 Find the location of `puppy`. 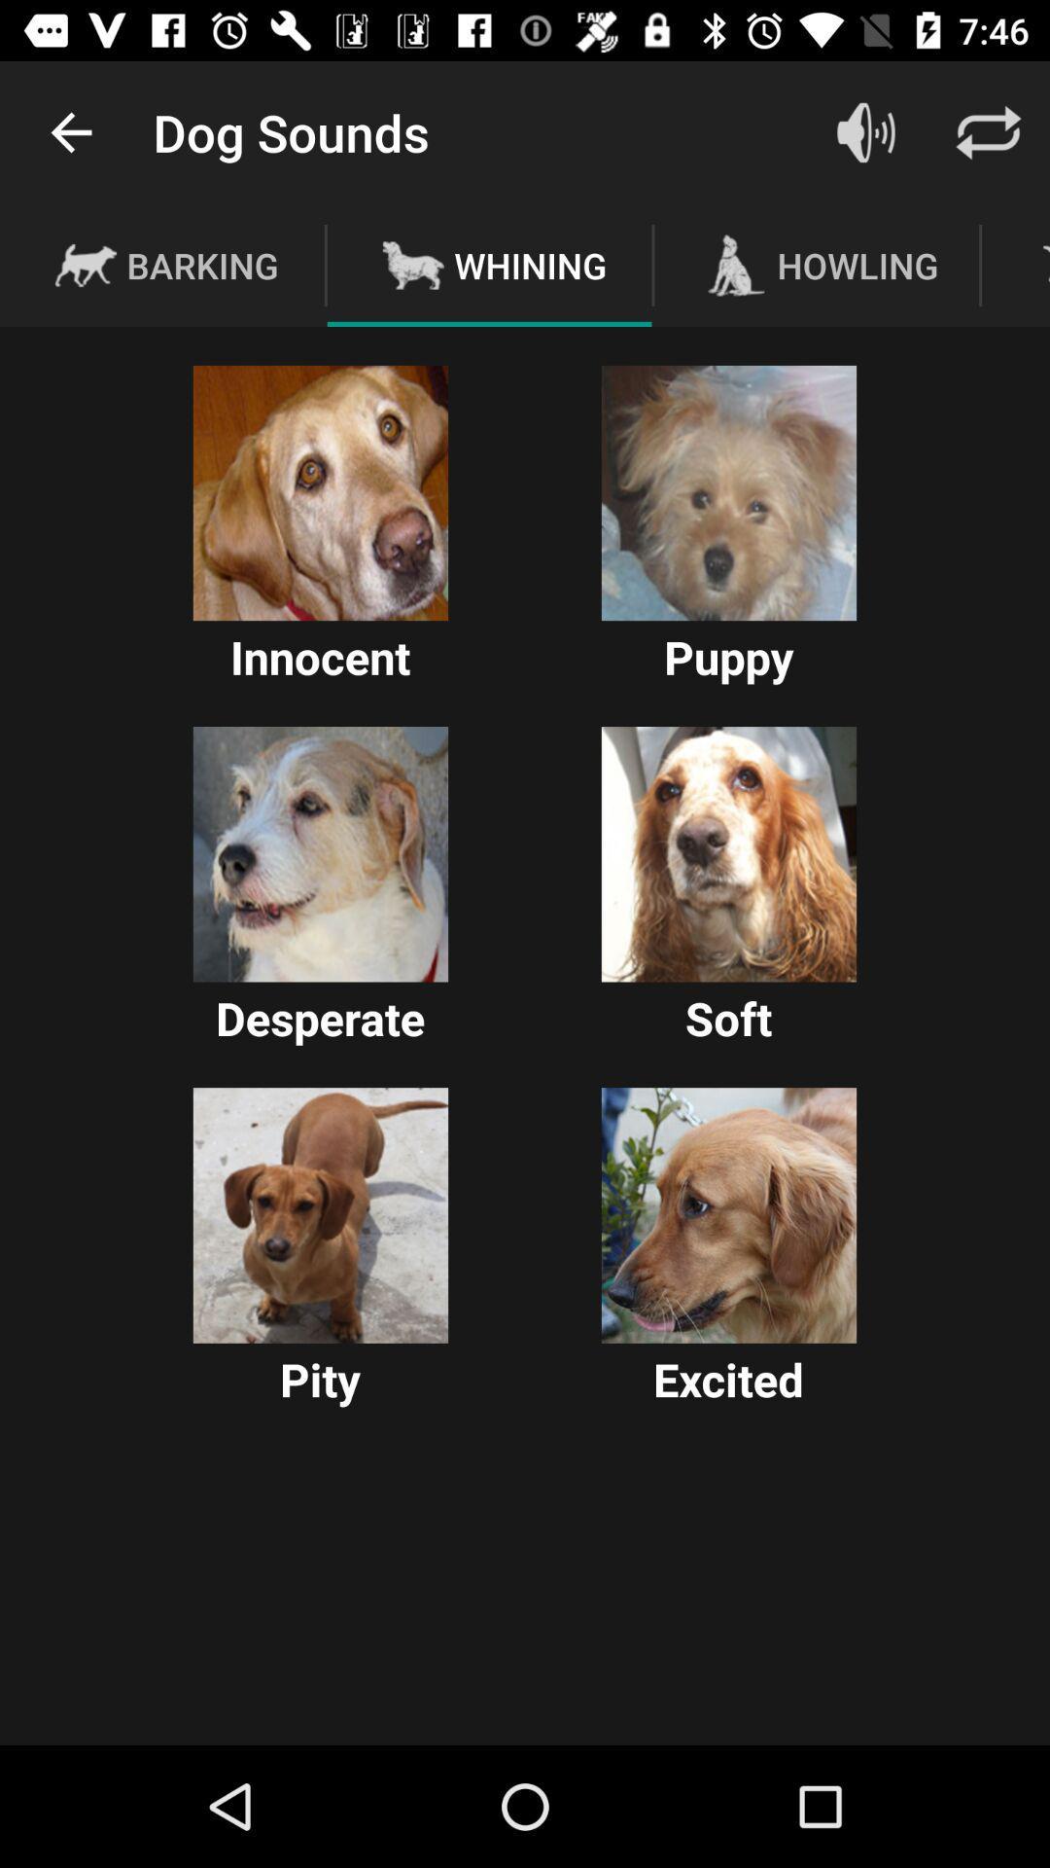

puppy is located at coordinates (728, 493).